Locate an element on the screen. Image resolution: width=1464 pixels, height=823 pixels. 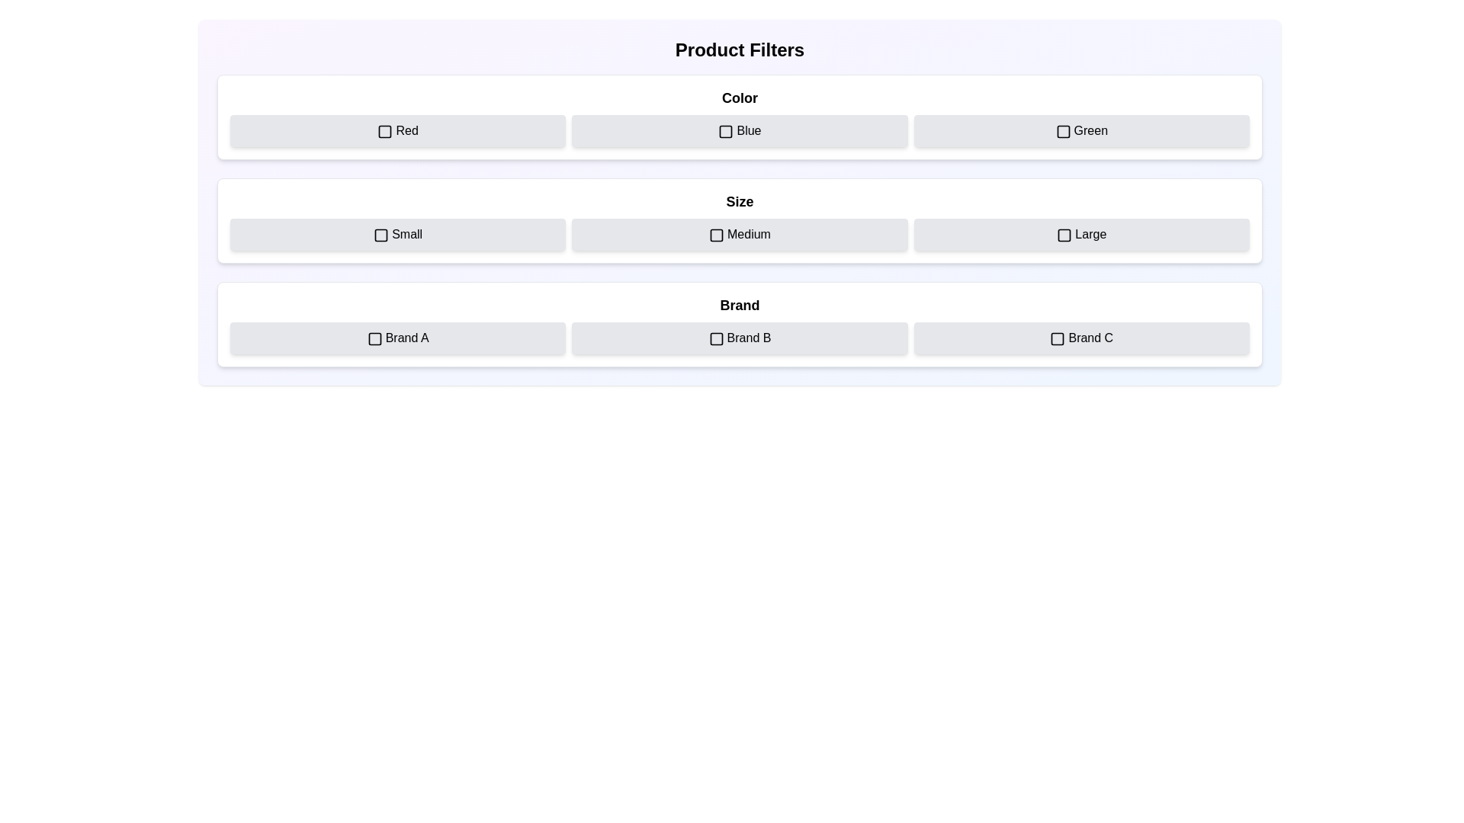
the 'Brand C' filter button, which is the third button in the horizontally aligned group of brand selection options is located at coordinates (1080, 337).